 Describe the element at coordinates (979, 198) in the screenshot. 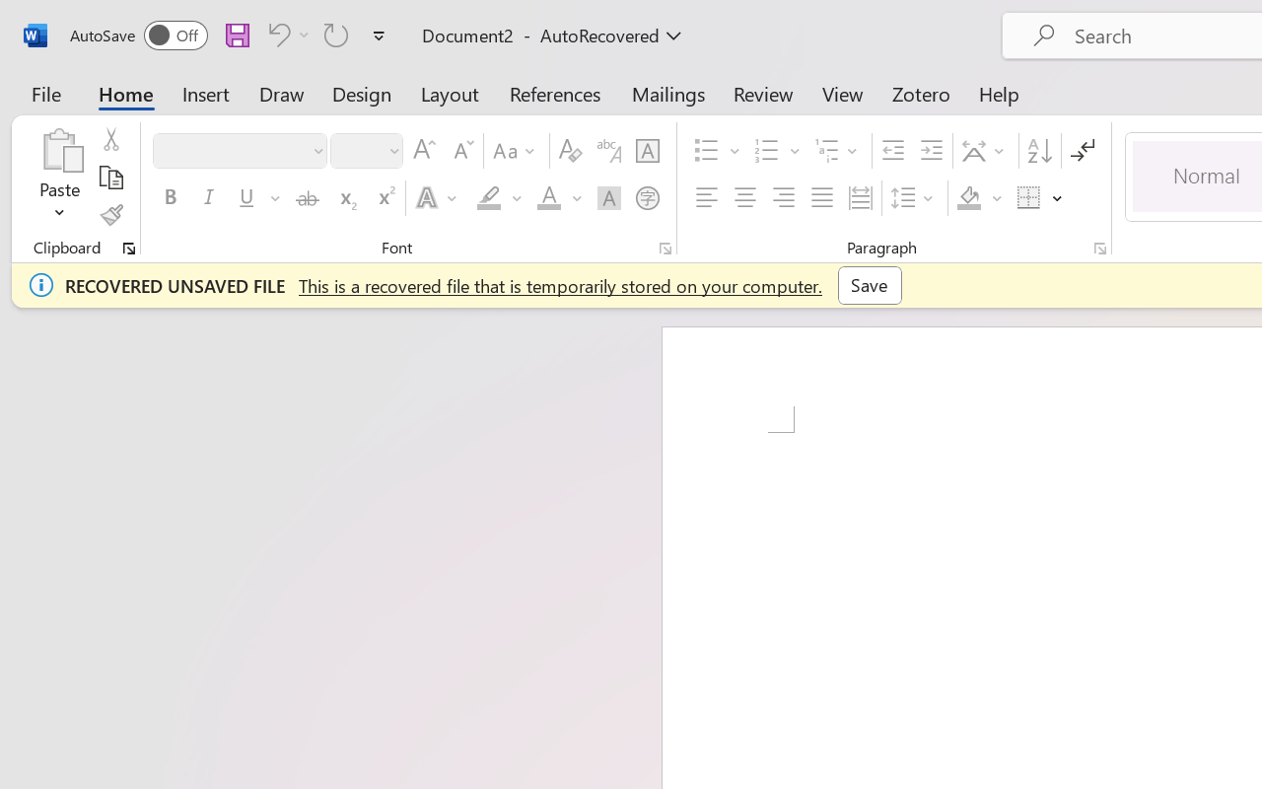

I see `'Shading'` at that location.